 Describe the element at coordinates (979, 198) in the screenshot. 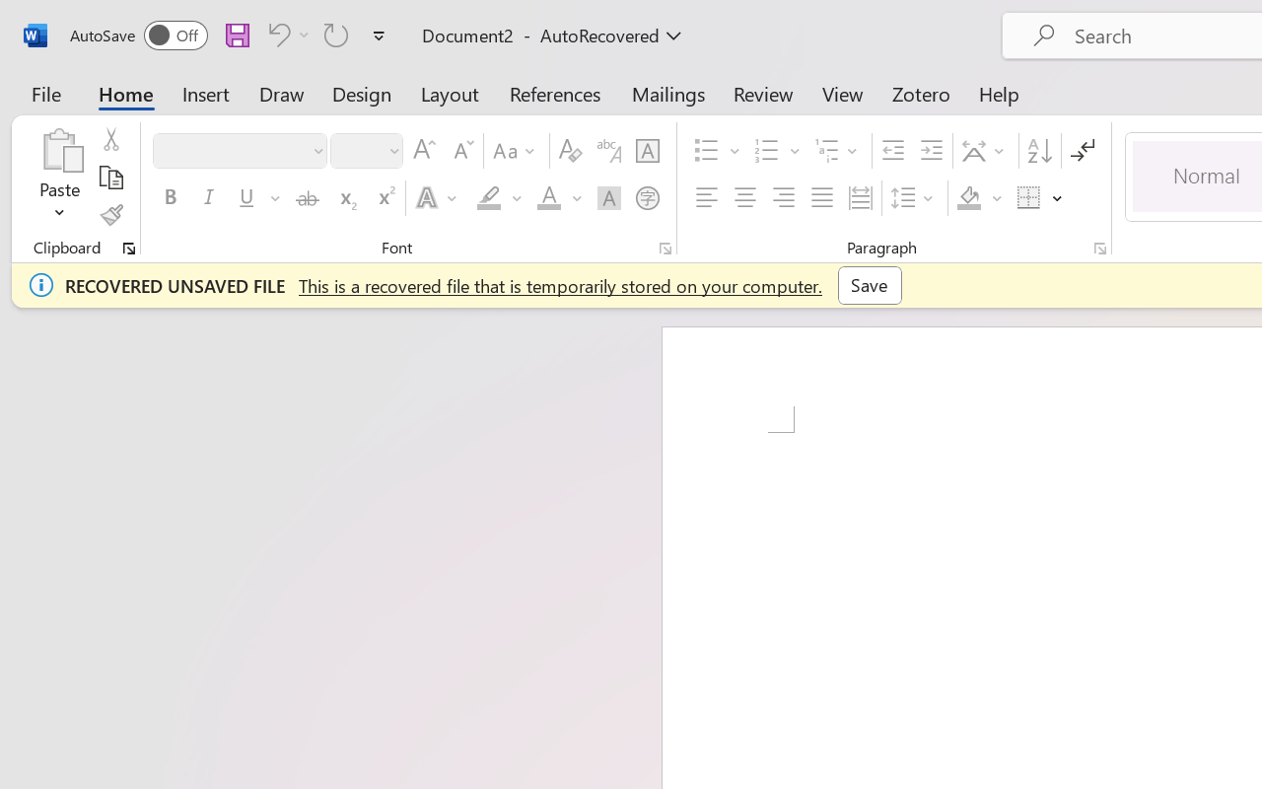

I see `'Shading'` at that location.